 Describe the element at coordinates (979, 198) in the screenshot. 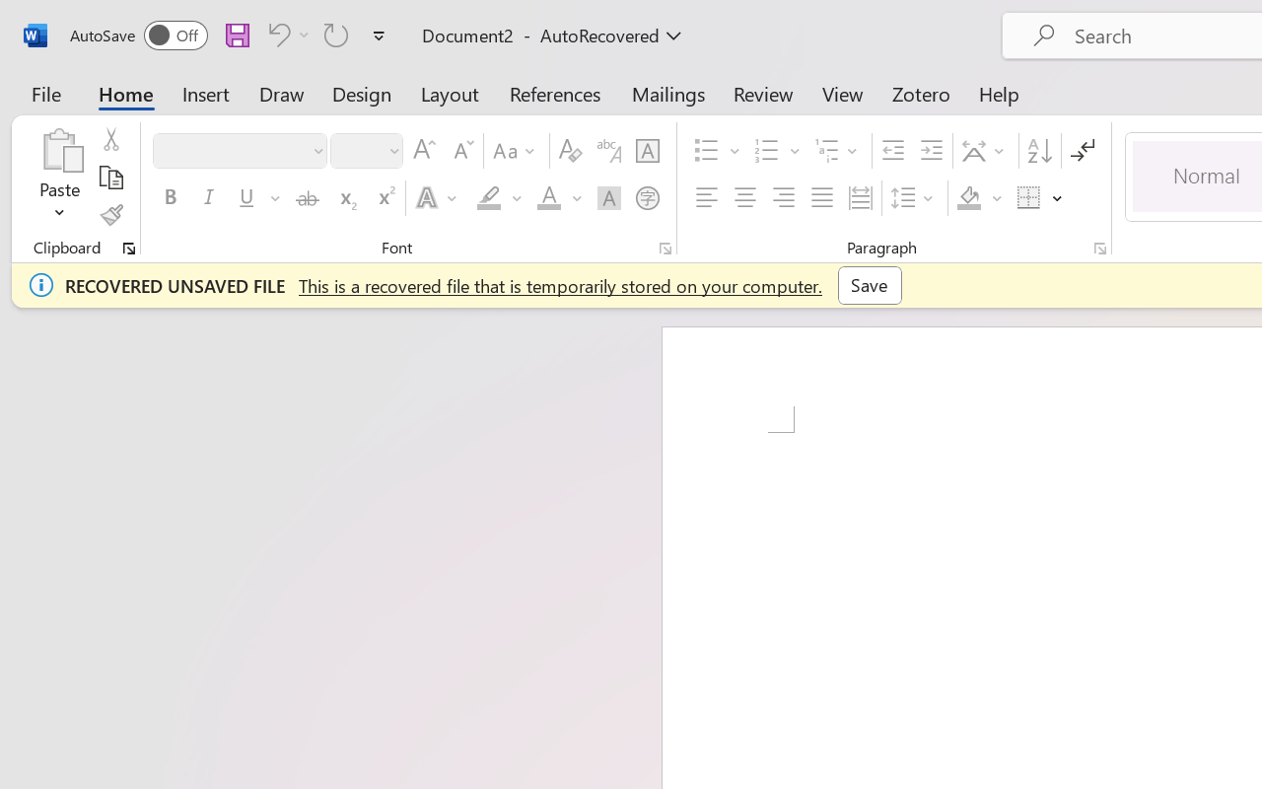

I see `'Shading'` at that location.